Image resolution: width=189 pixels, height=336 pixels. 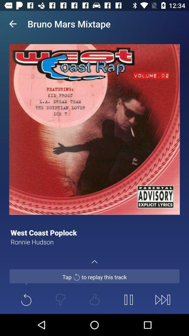 I want to click on the refresh icon, so click(x=26, y=299).